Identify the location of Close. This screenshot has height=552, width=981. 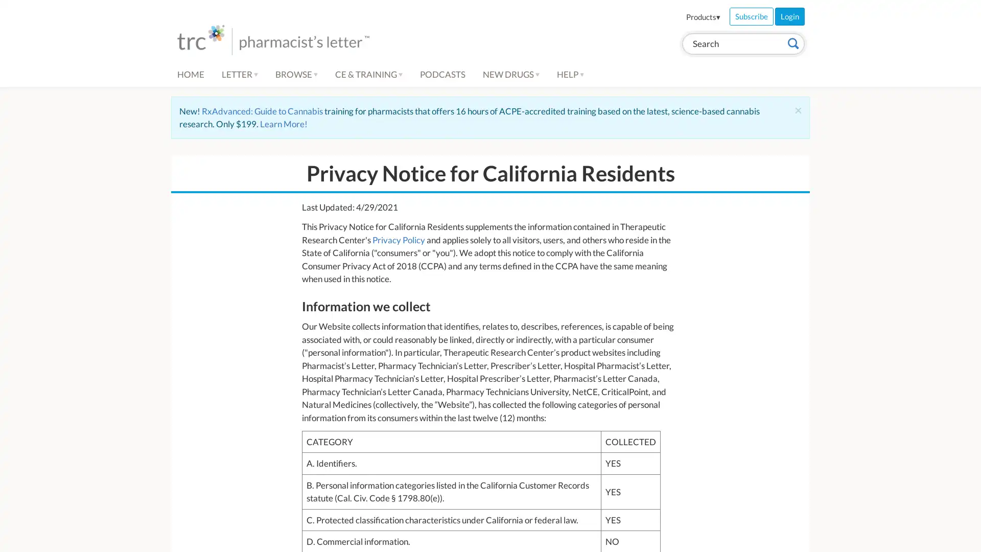
(798, 110).